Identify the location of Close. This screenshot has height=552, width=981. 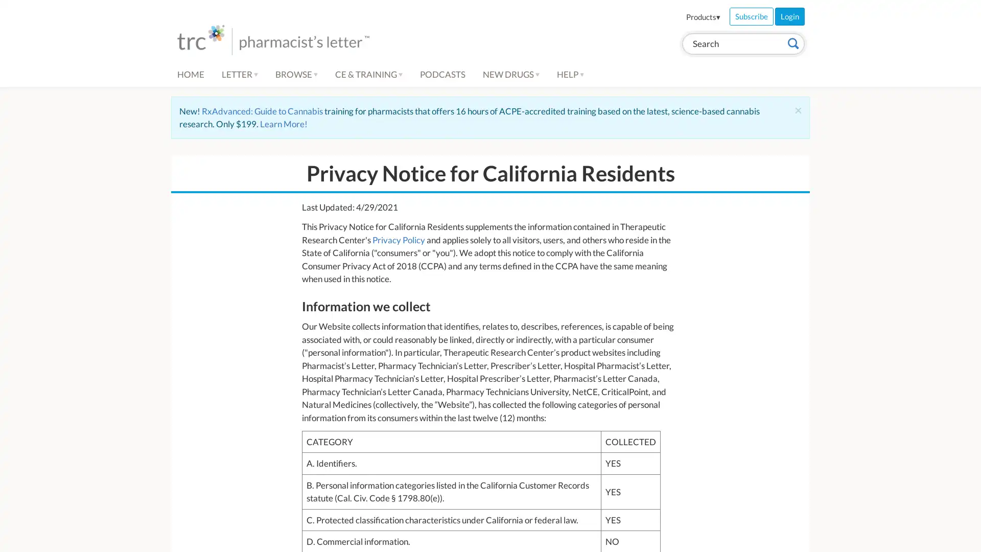
(798, 110).